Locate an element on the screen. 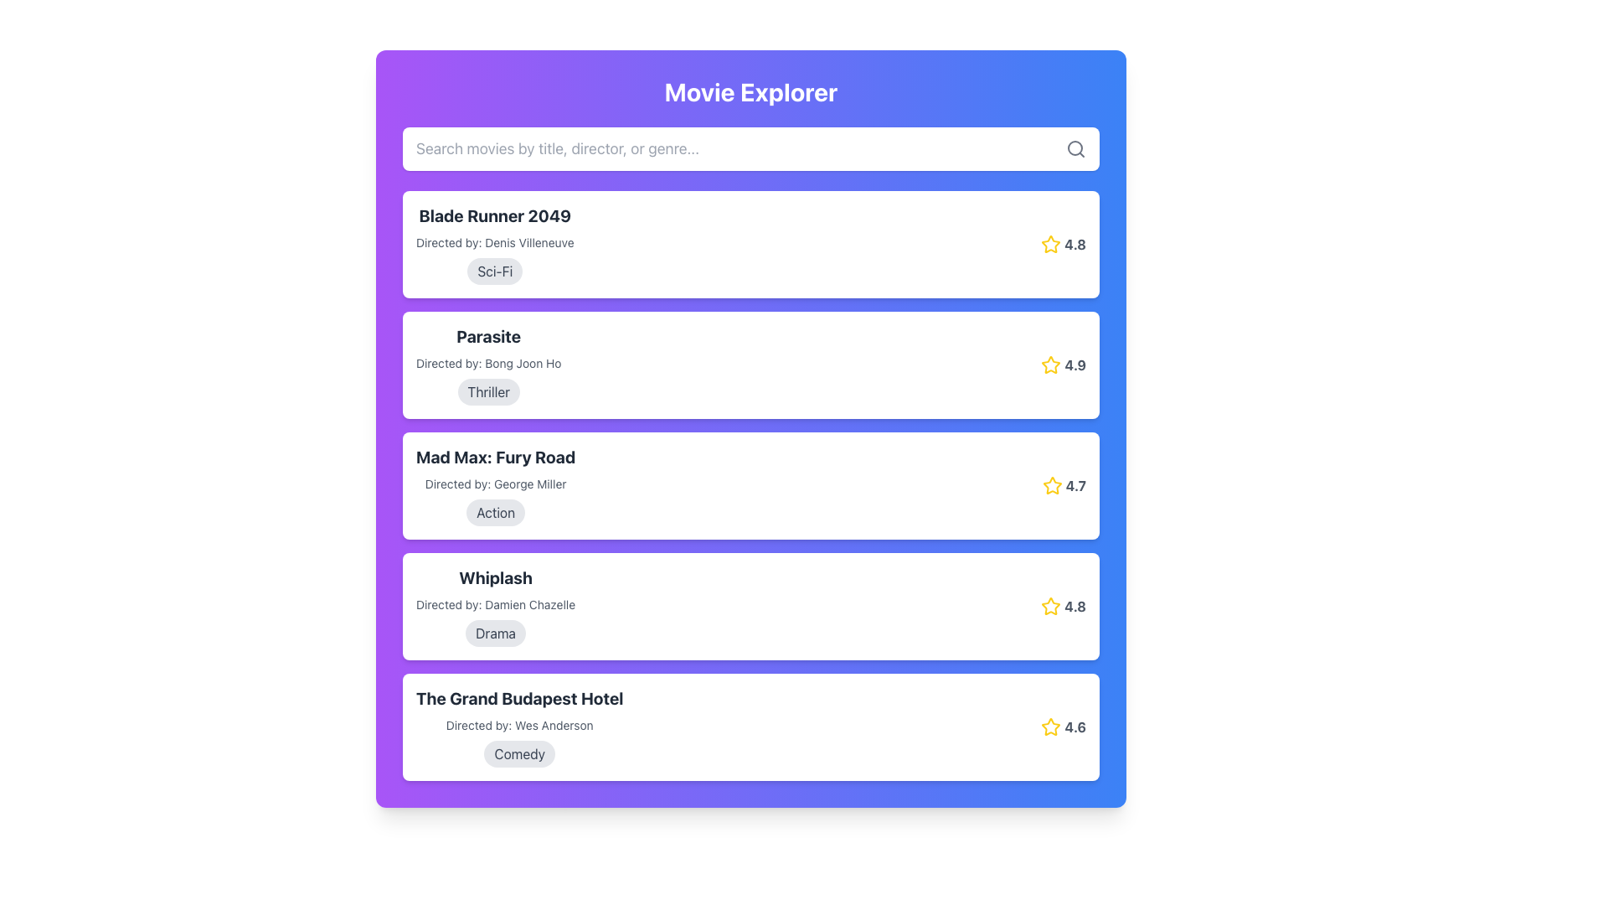  the genre label tag with the text 'Sci-Fi', which is an oval-shaped tag located beneath the title 'Blade Runner 2049' and the director information is located at coordinates (494, 271).